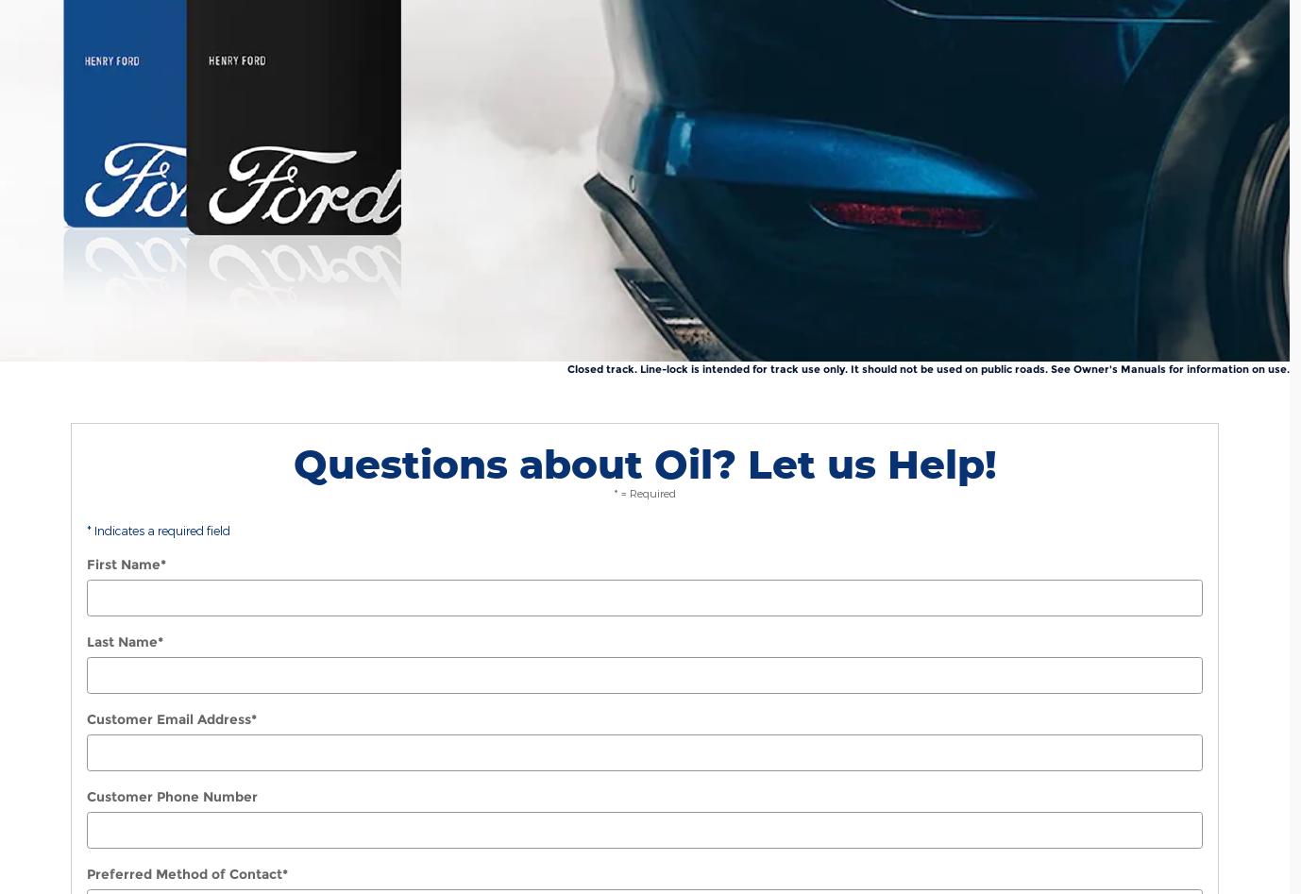 Image resolution: width=1301 pixels, height=894 pixels. What do you see at coordinates (644, 461) in the screenshot?
I see `'Questions about Oil? Let us Help!'` at bounding box center [644, 461].